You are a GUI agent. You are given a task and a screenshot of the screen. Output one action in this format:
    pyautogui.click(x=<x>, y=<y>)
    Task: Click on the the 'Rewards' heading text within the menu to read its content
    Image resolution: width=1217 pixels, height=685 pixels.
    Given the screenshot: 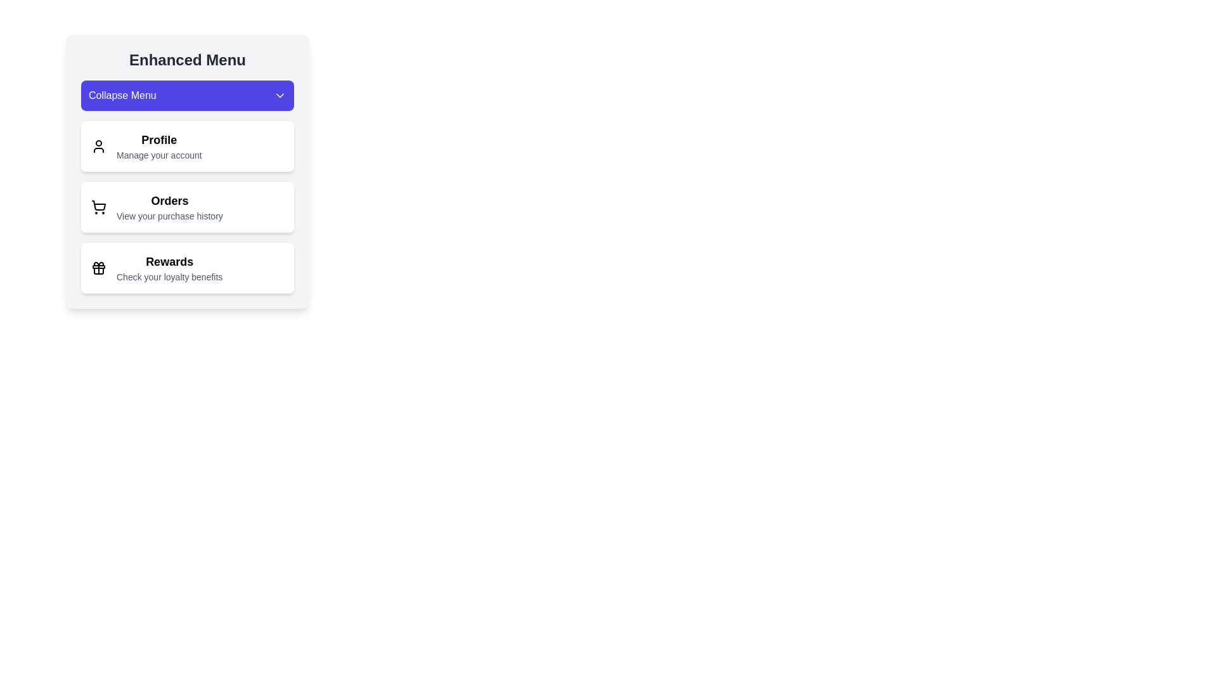 What is the action you would take?
    pyautogui.click(x=169, y=261)
    